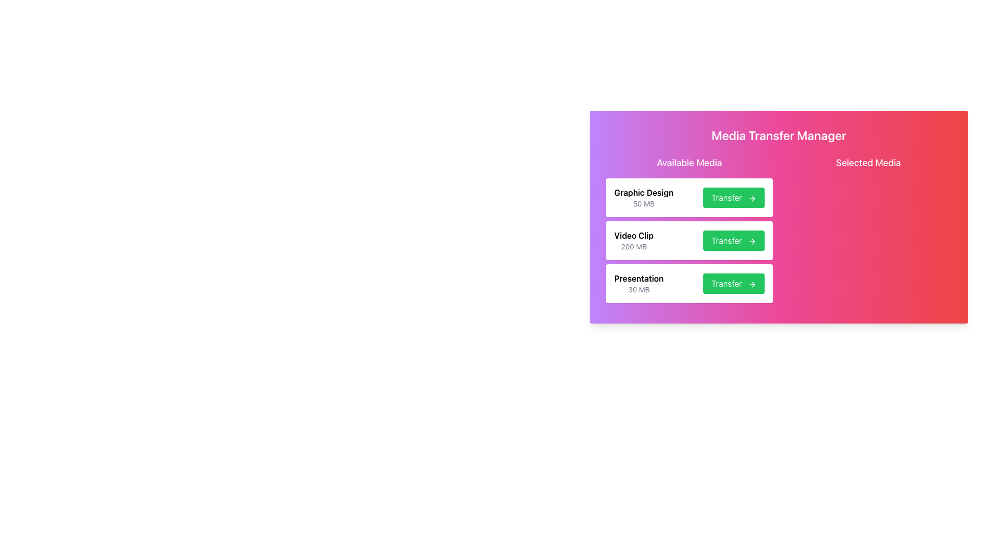 The height and width of the screenshot is (552, 982). Describe the element at coordinates (689, 197) in the screenshot. I see `the first Media list item labeled 'Graphic Design' in the 'Available Media' section of the 'Media Transfer Manager' panel` at that location.